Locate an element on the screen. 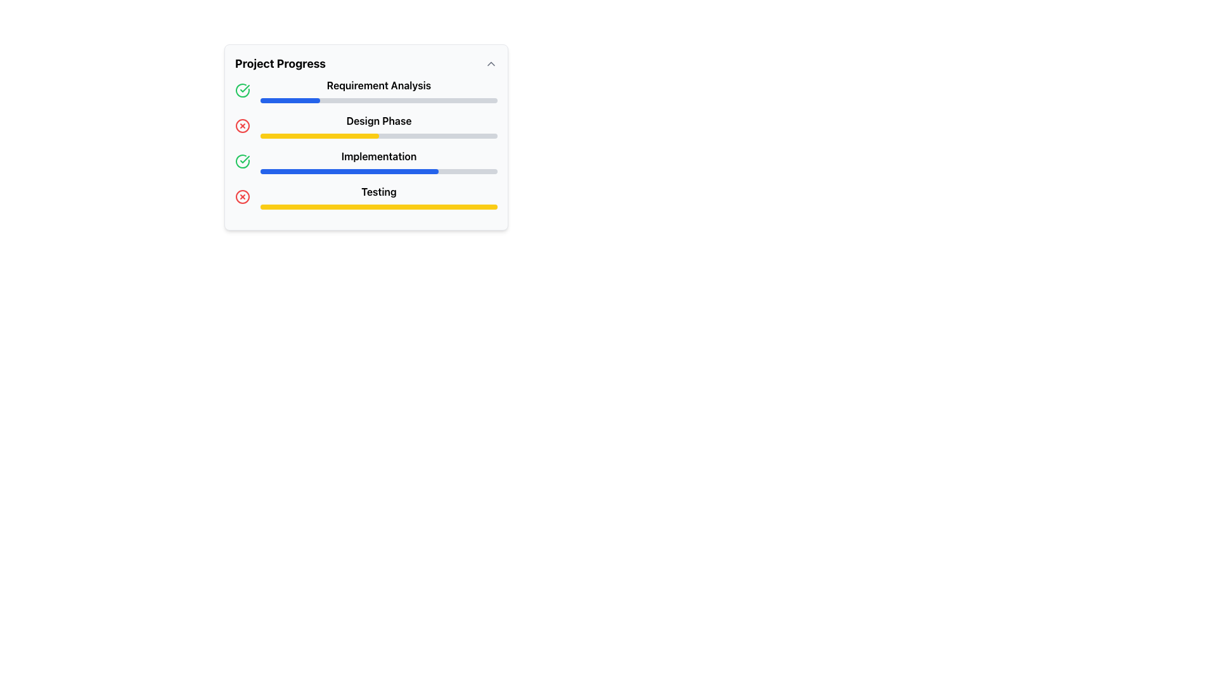  the progress bar that indicates completion for 'Testing', which is the fourth progress bar under 'Project Progress' is located at coordinates (378, 206).